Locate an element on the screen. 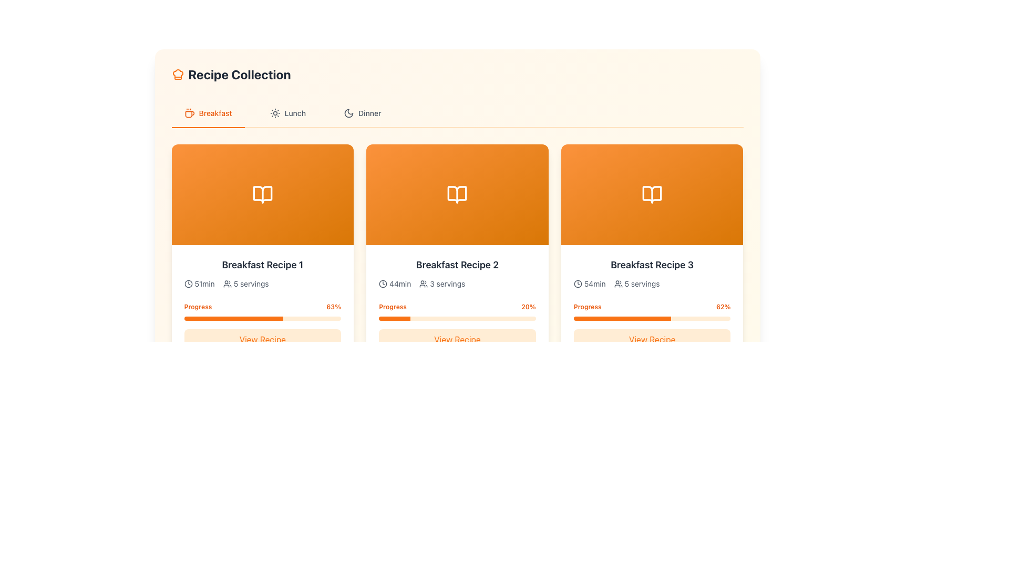 Image resolution: width=1009 pixels, height=567 pixels. current progress percentage displayed in the Text label located in the Progress field of the second card under the 'Breakfast' tab, aligned to the right side of the card is located at coordinates (529, 306).